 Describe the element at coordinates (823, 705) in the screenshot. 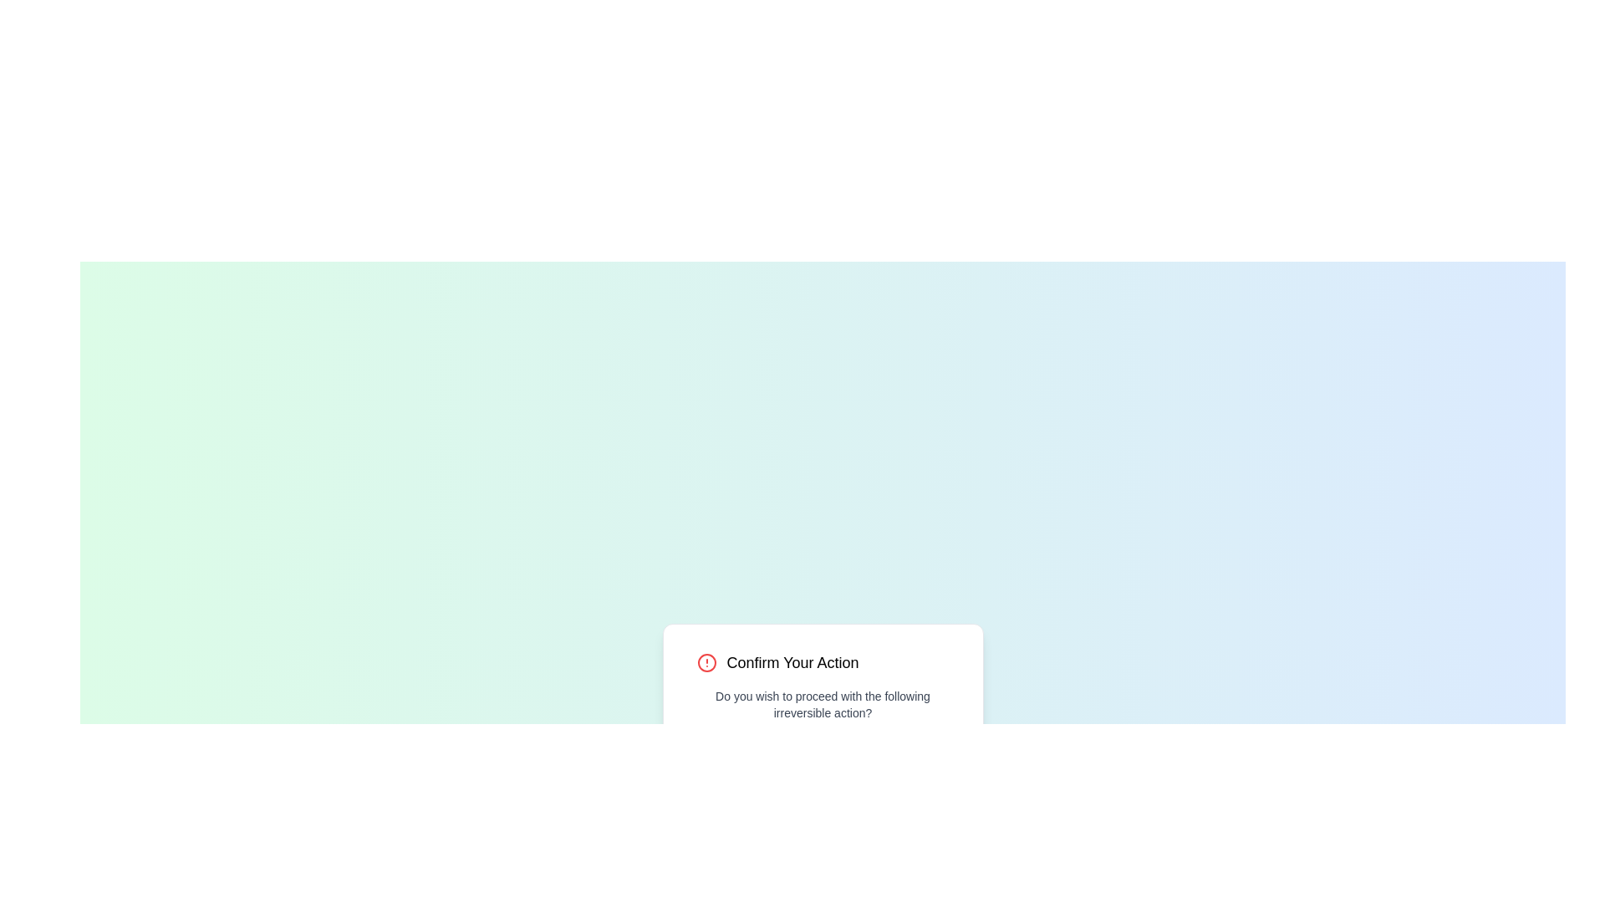

I see `the informational Text label located beneath the 'Confirm Your Action' title in the dialog box` at that location.